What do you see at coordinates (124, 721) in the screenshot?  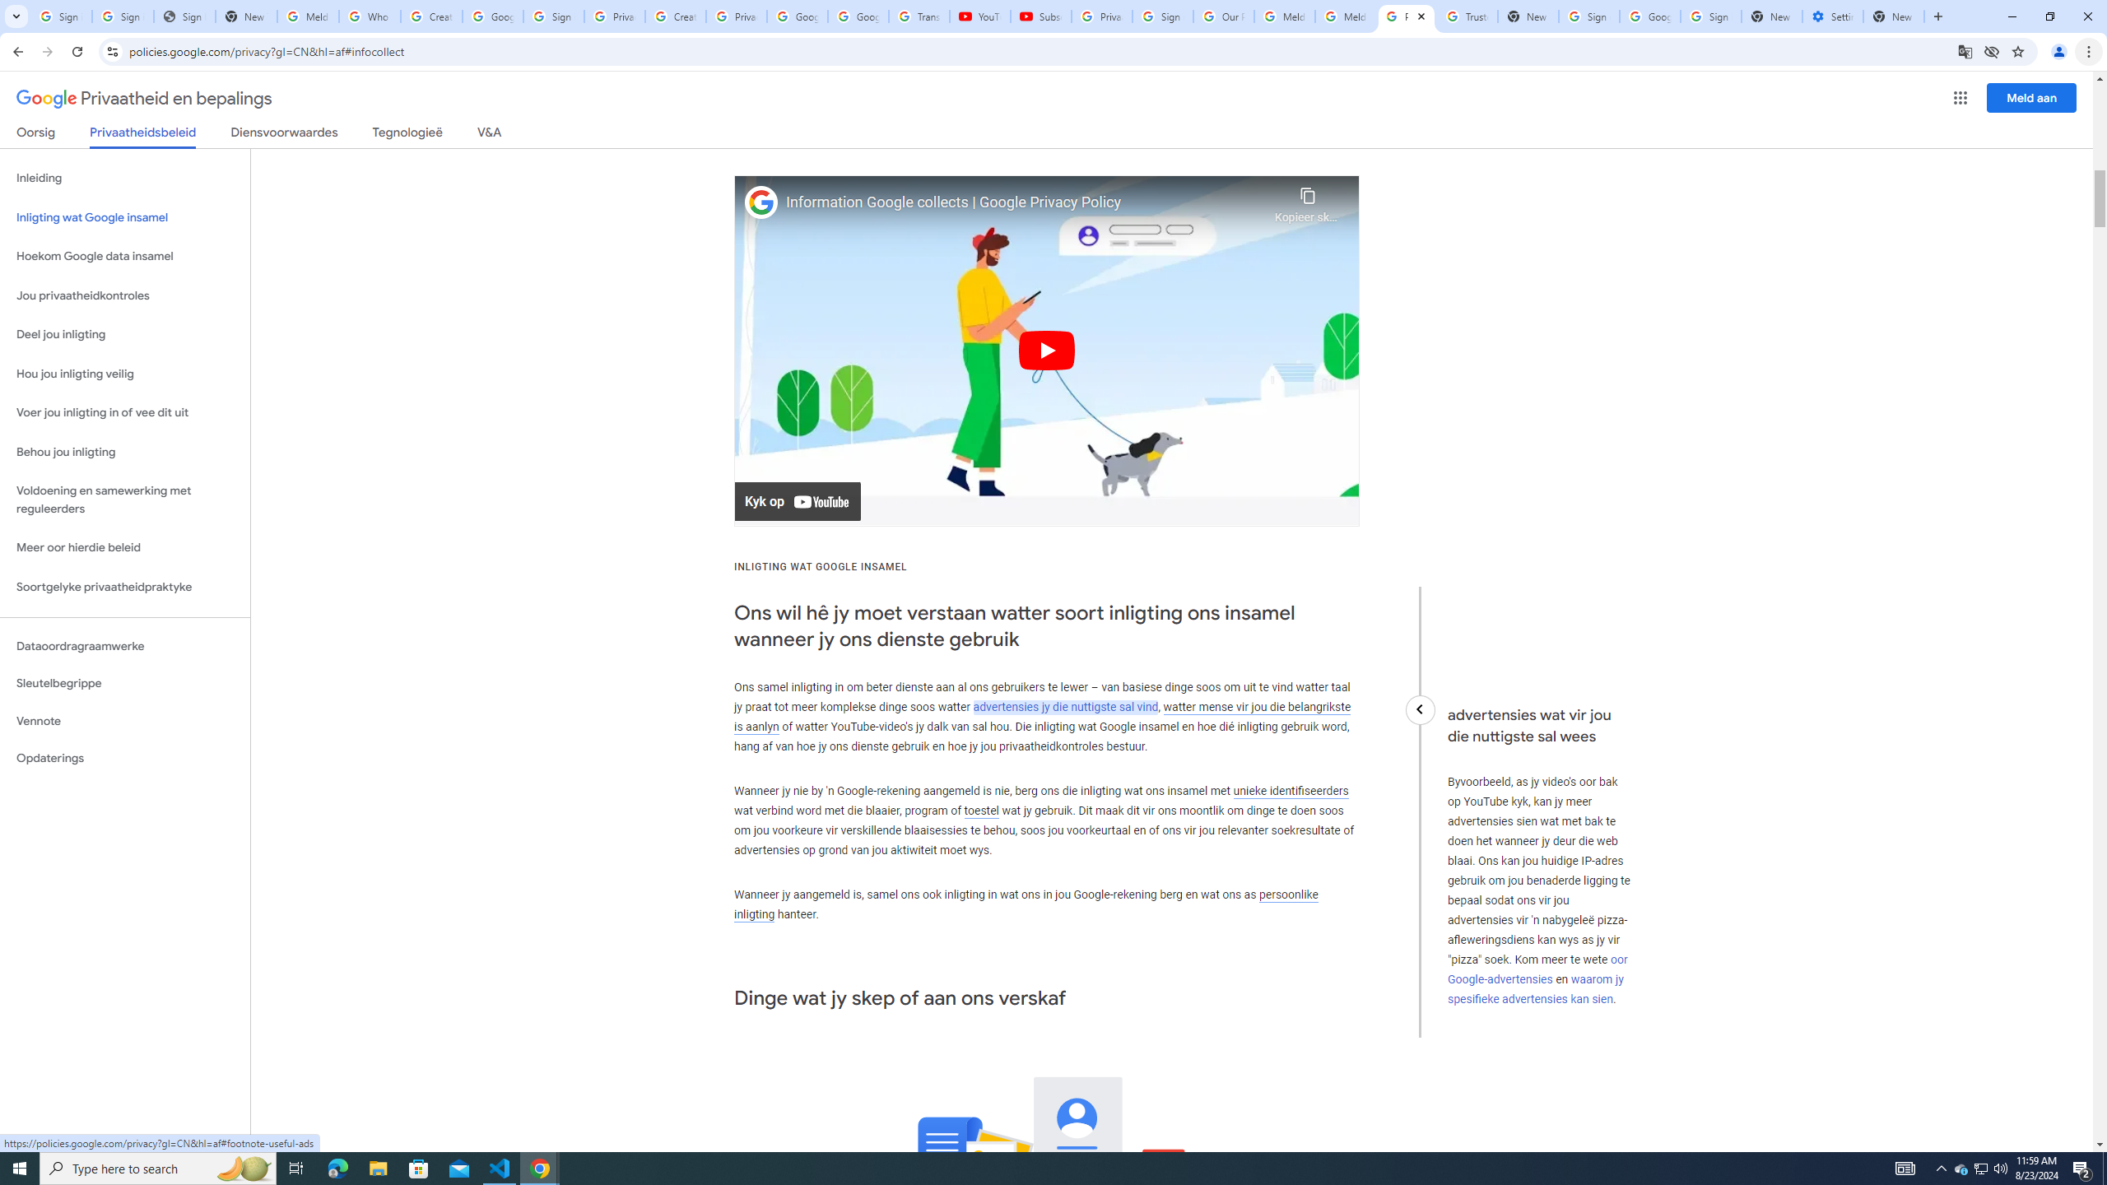 I see `'Vennote'` at bounding box center [124, 721].